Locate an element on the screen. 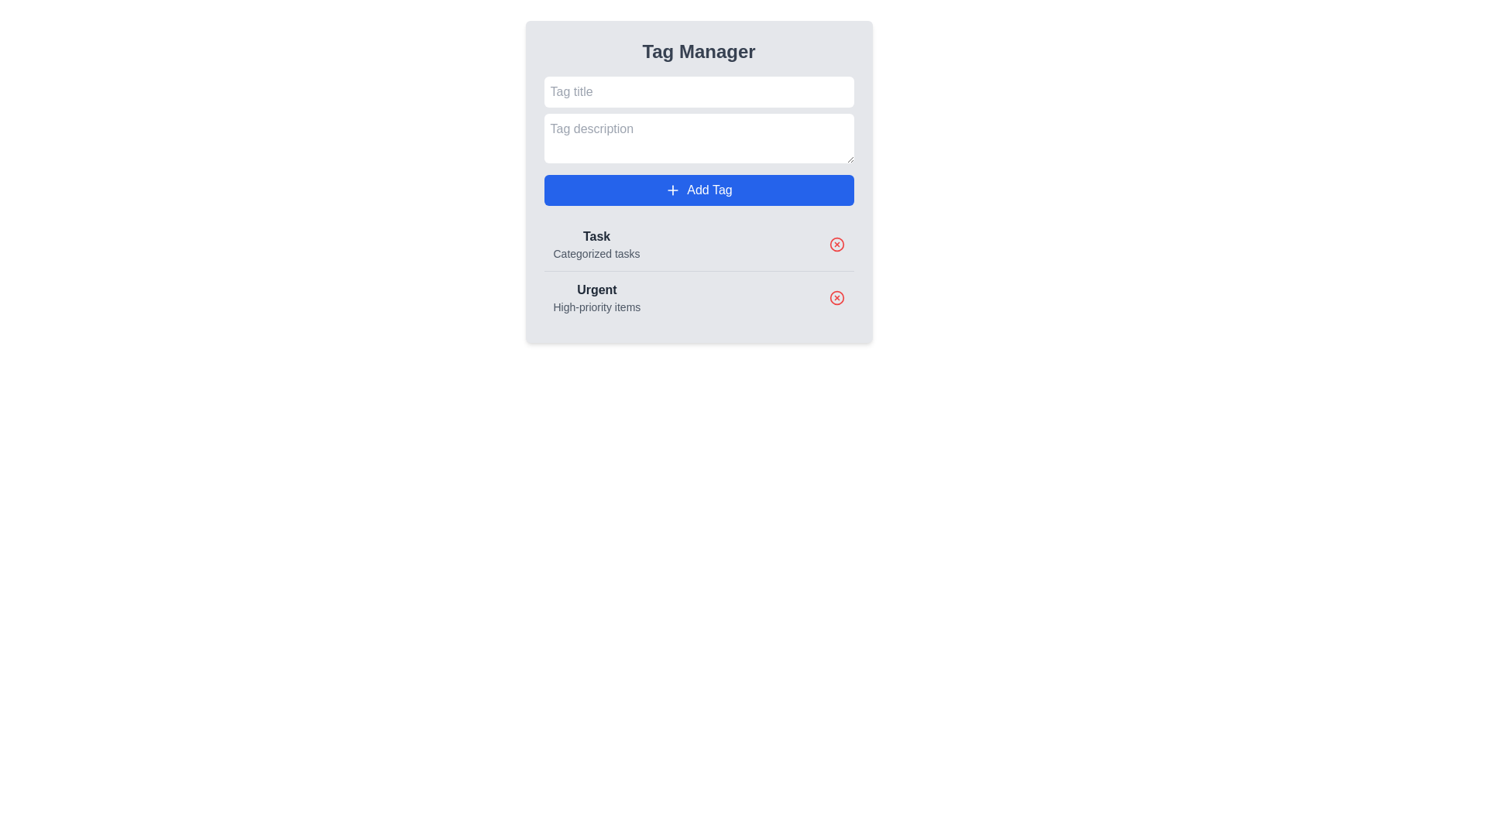 This screenshot has height=836, width=1487. the 'Tag Manager' header to perform related actions with adjacent elements like 'Tag title' and 'Tag description' is located at coordinates (698, 50).